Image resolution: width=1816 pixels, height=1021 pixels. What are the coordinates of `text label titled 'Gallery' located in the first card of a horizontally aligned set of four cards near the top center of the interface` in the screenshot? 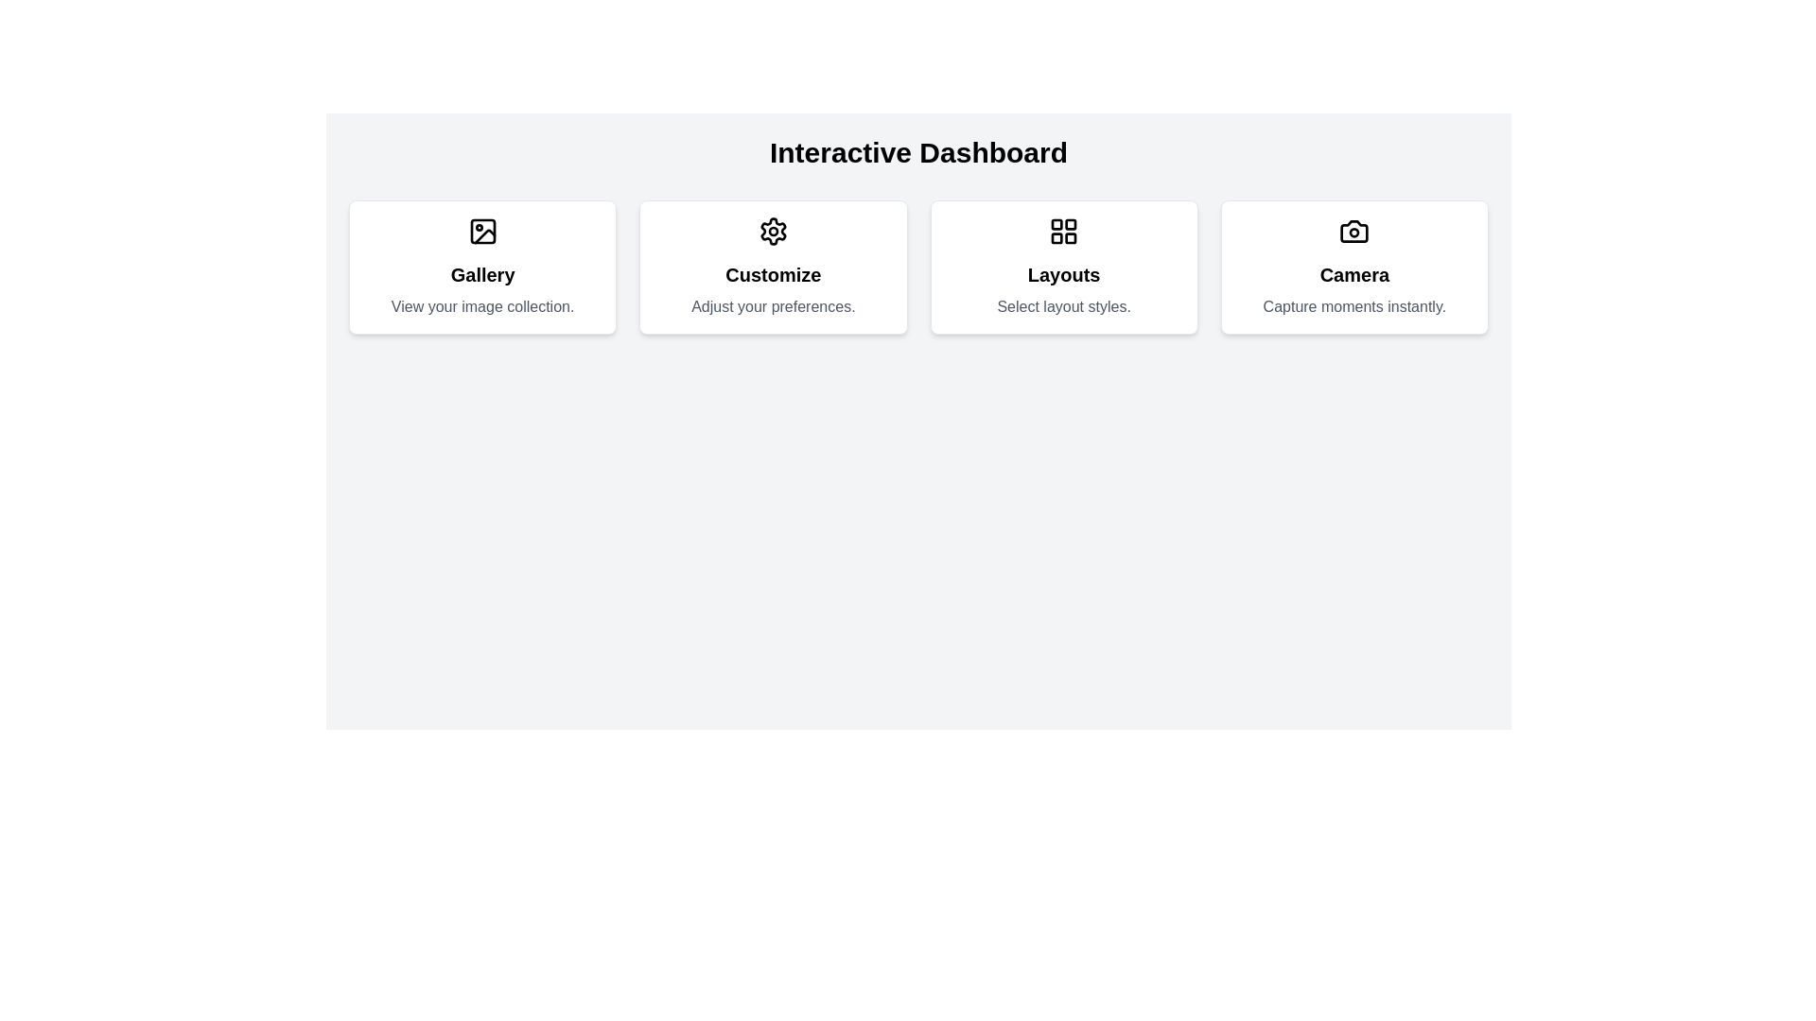 It's located at (482, 274).